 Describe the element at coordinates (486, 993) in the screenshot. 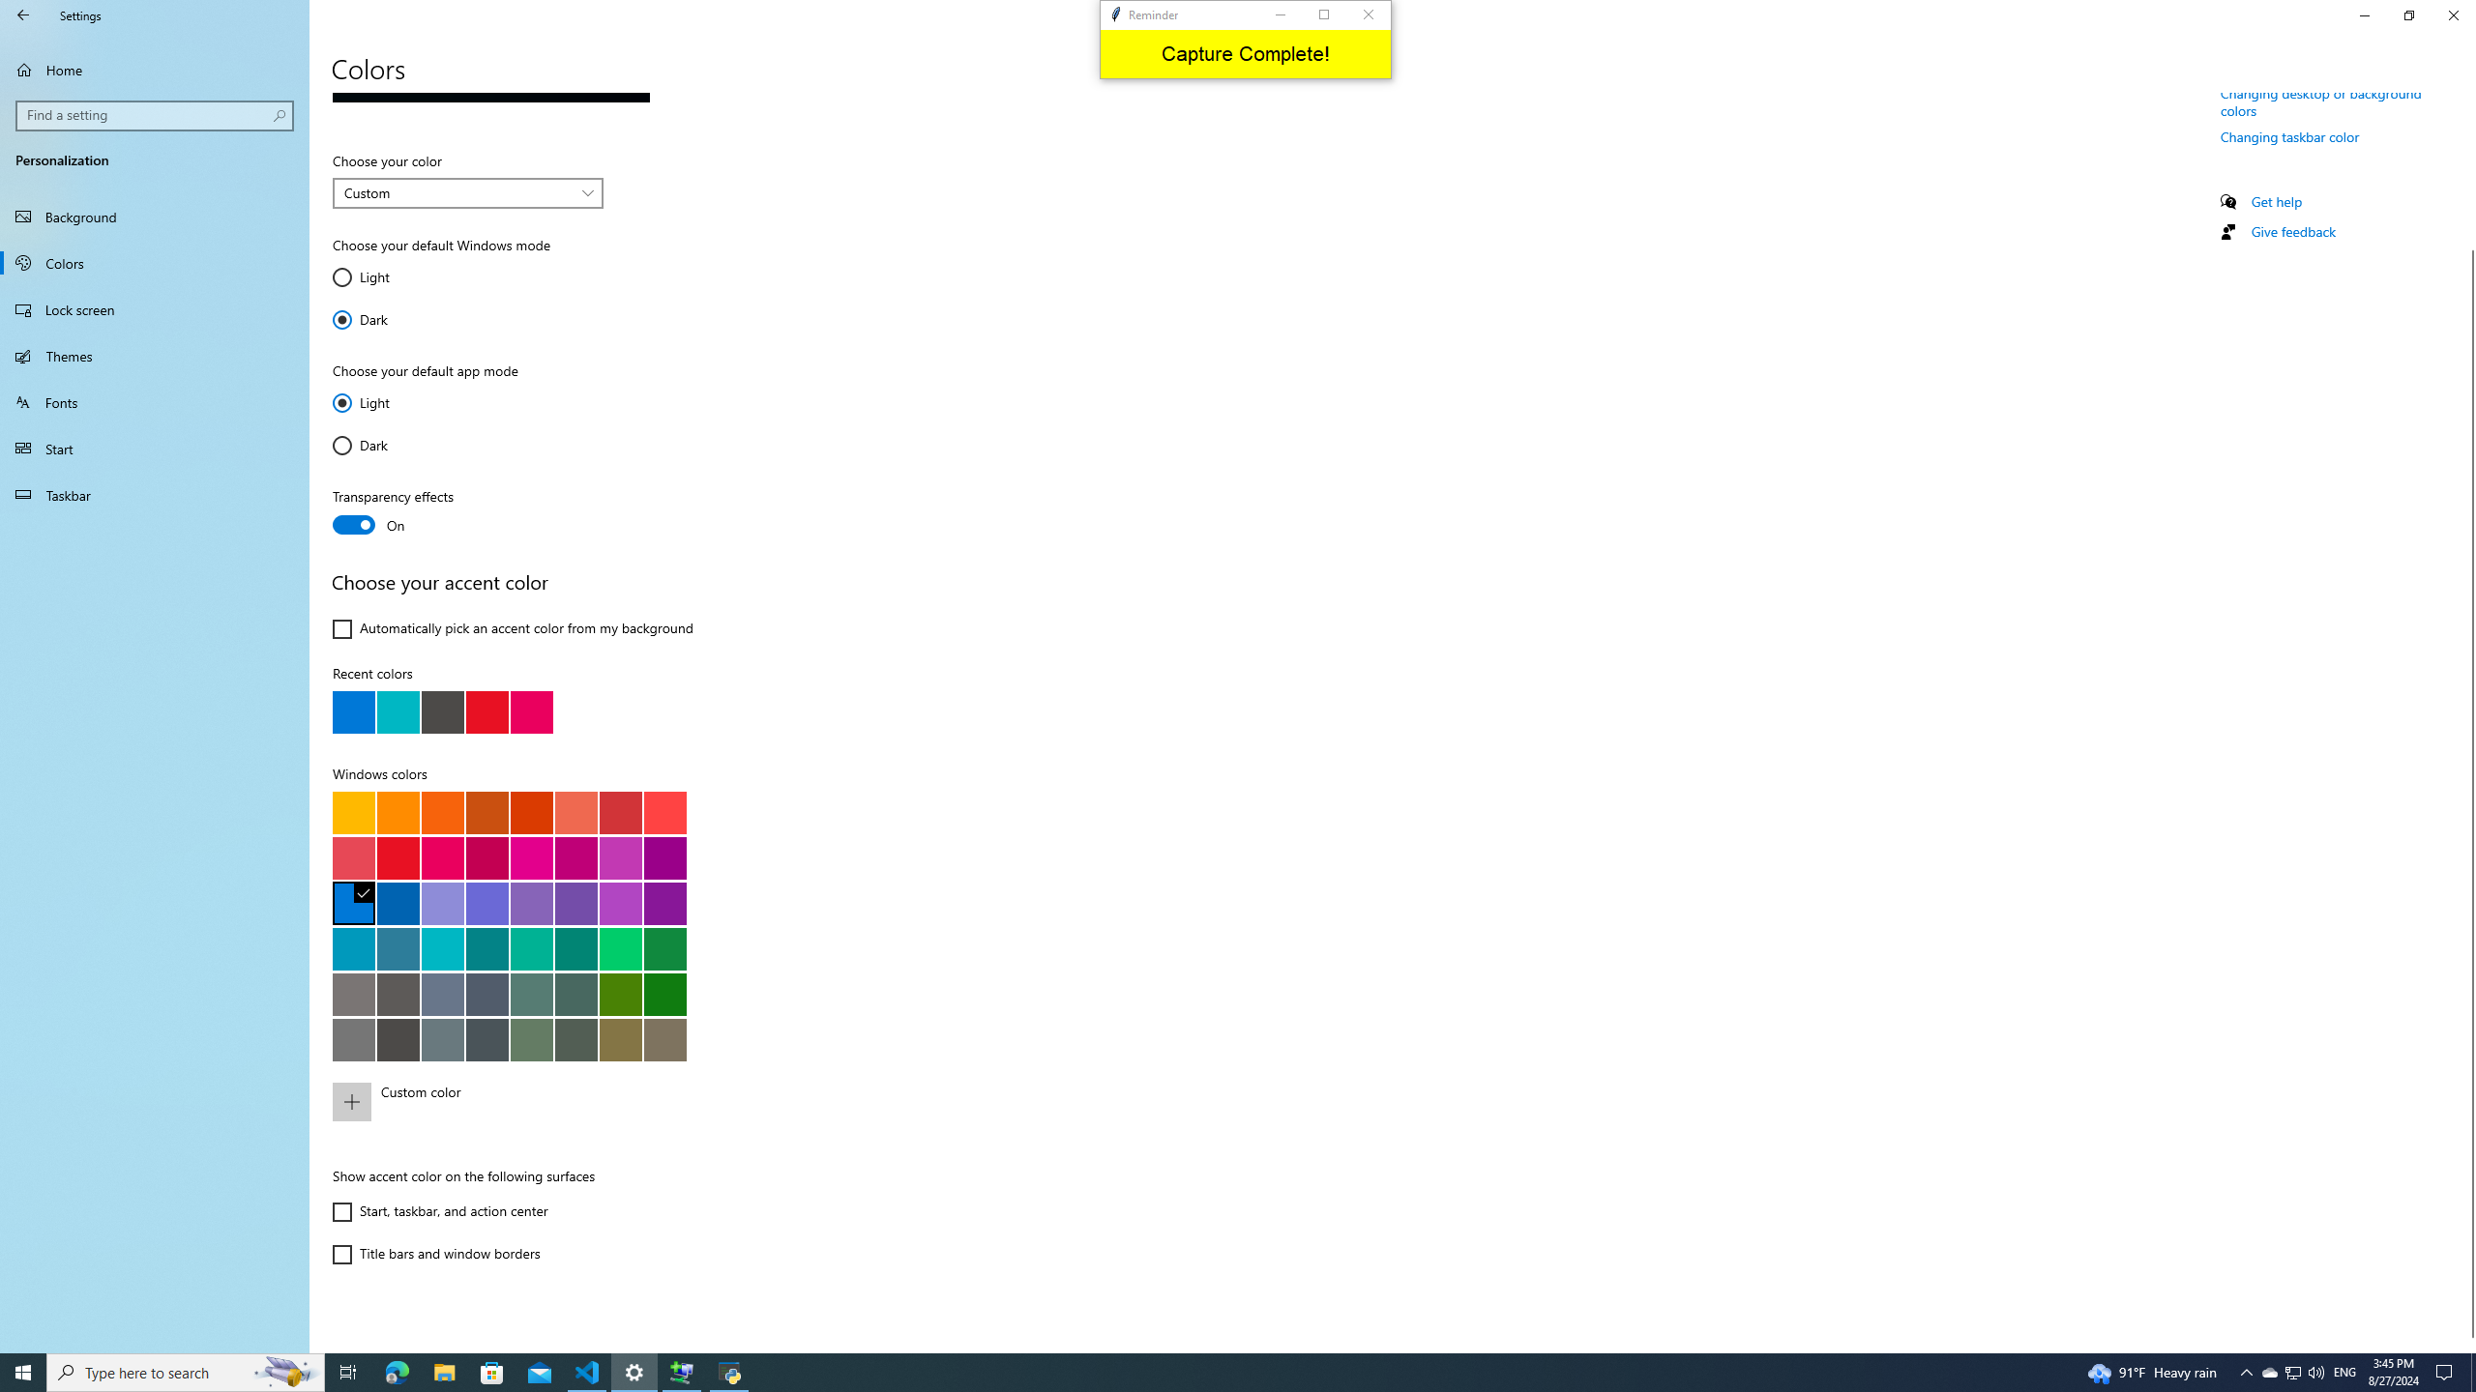

I see `'Metal blue'` at that location.